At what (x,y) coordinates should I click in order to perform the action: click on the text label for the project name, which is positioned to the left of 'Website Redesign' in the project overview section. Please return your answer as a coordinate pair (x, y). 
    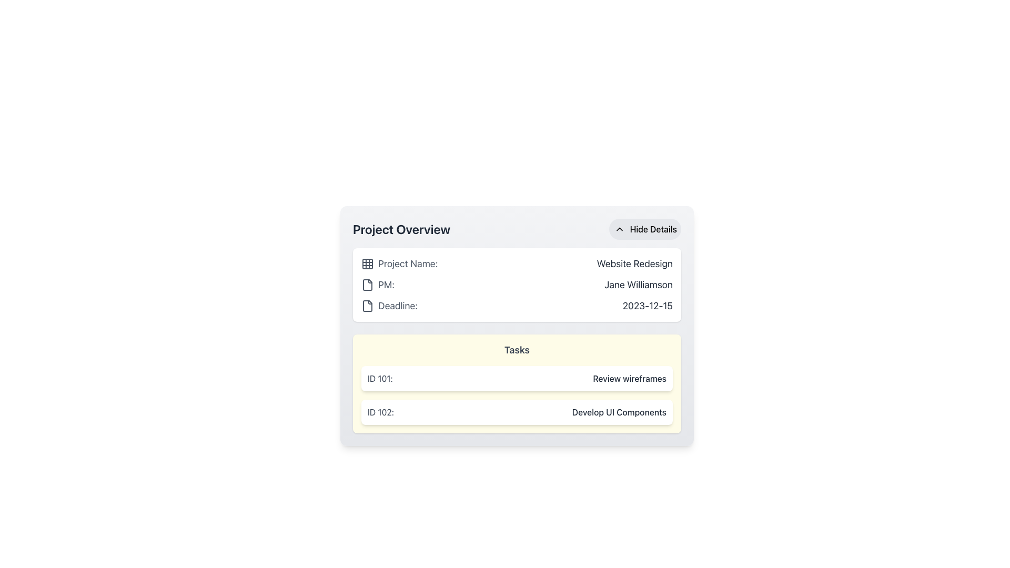
    Looking at the image, I should click on (399, 263).